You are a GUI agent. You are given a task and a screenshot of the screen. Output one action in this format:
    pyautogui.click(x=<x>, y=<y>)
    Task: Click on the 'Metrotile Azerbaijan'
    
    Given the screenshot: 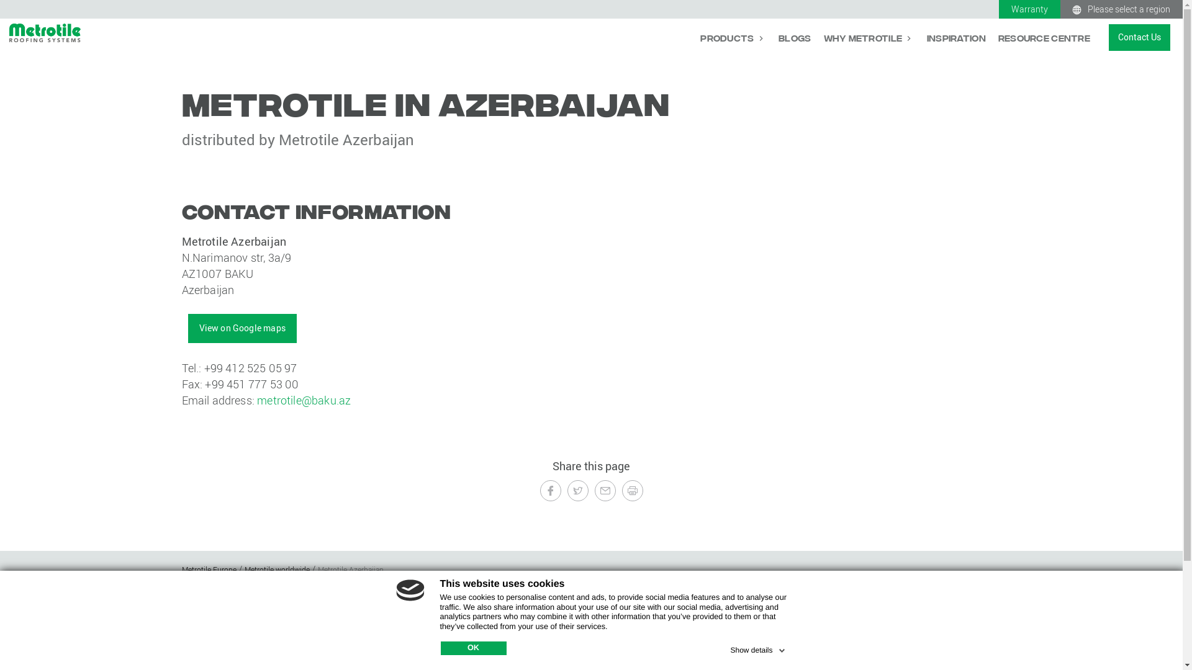 What is the action you would take?
    pyautogui.click(x=350, y=569)
    